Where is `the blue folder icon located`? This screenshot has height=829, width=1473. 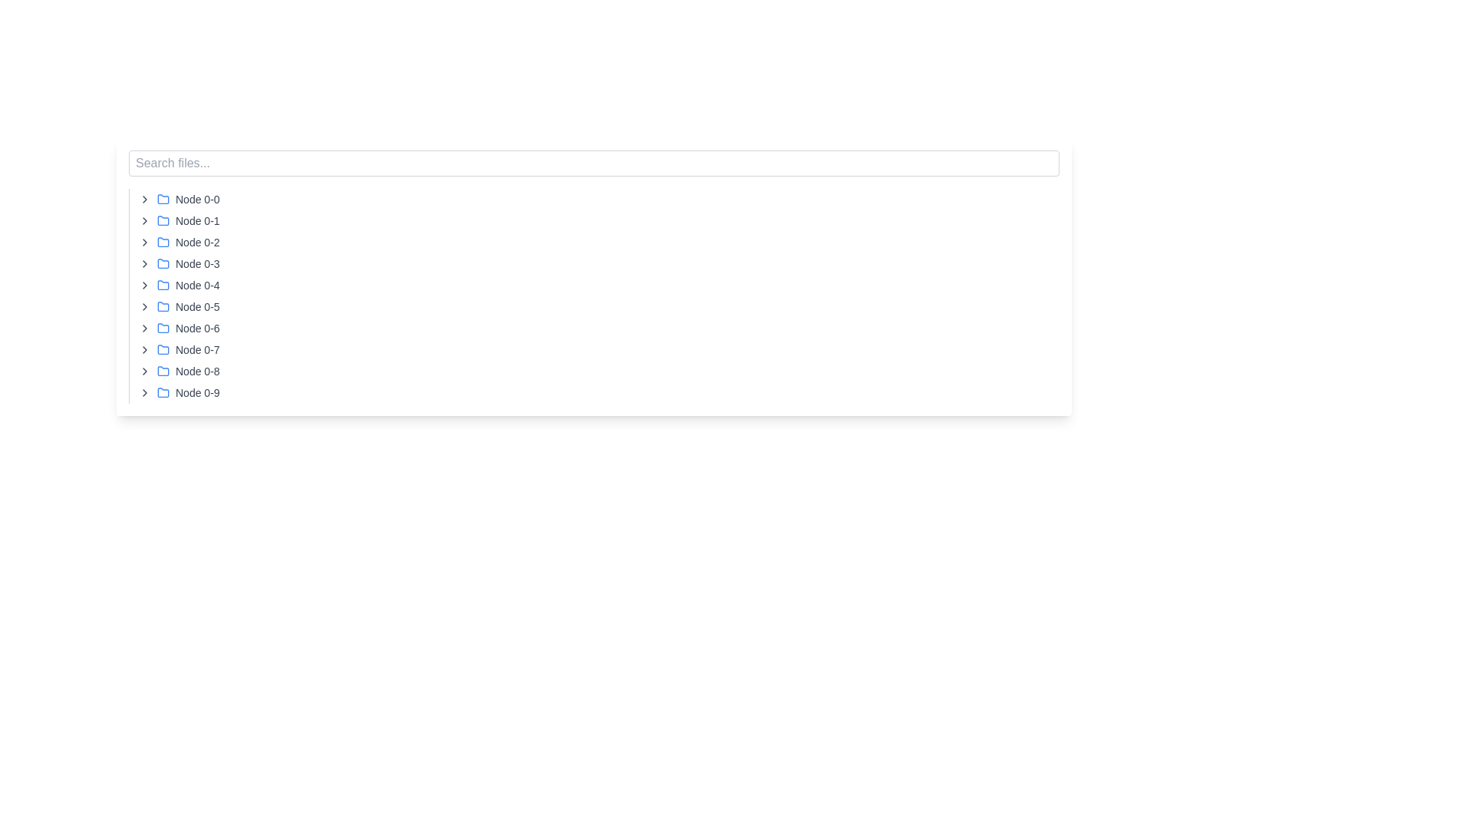 the blue folder icon located is located at coordinates (163, 242).